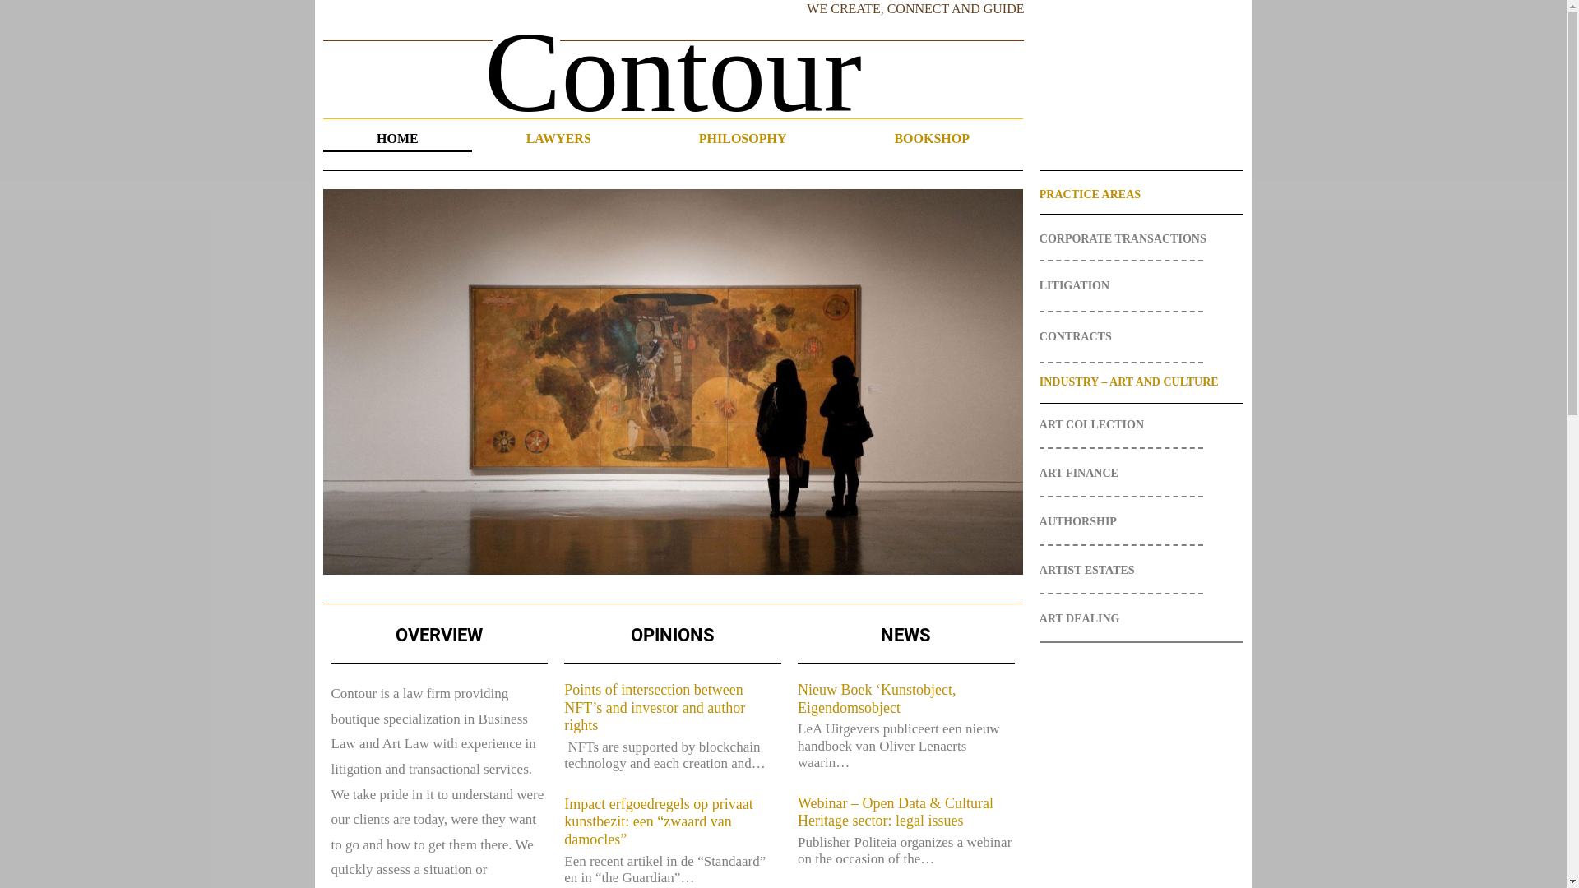  Describe the element at coordinates (1141, 522) in the screenshot. I see `'AUTHORSHIP'` at that location.